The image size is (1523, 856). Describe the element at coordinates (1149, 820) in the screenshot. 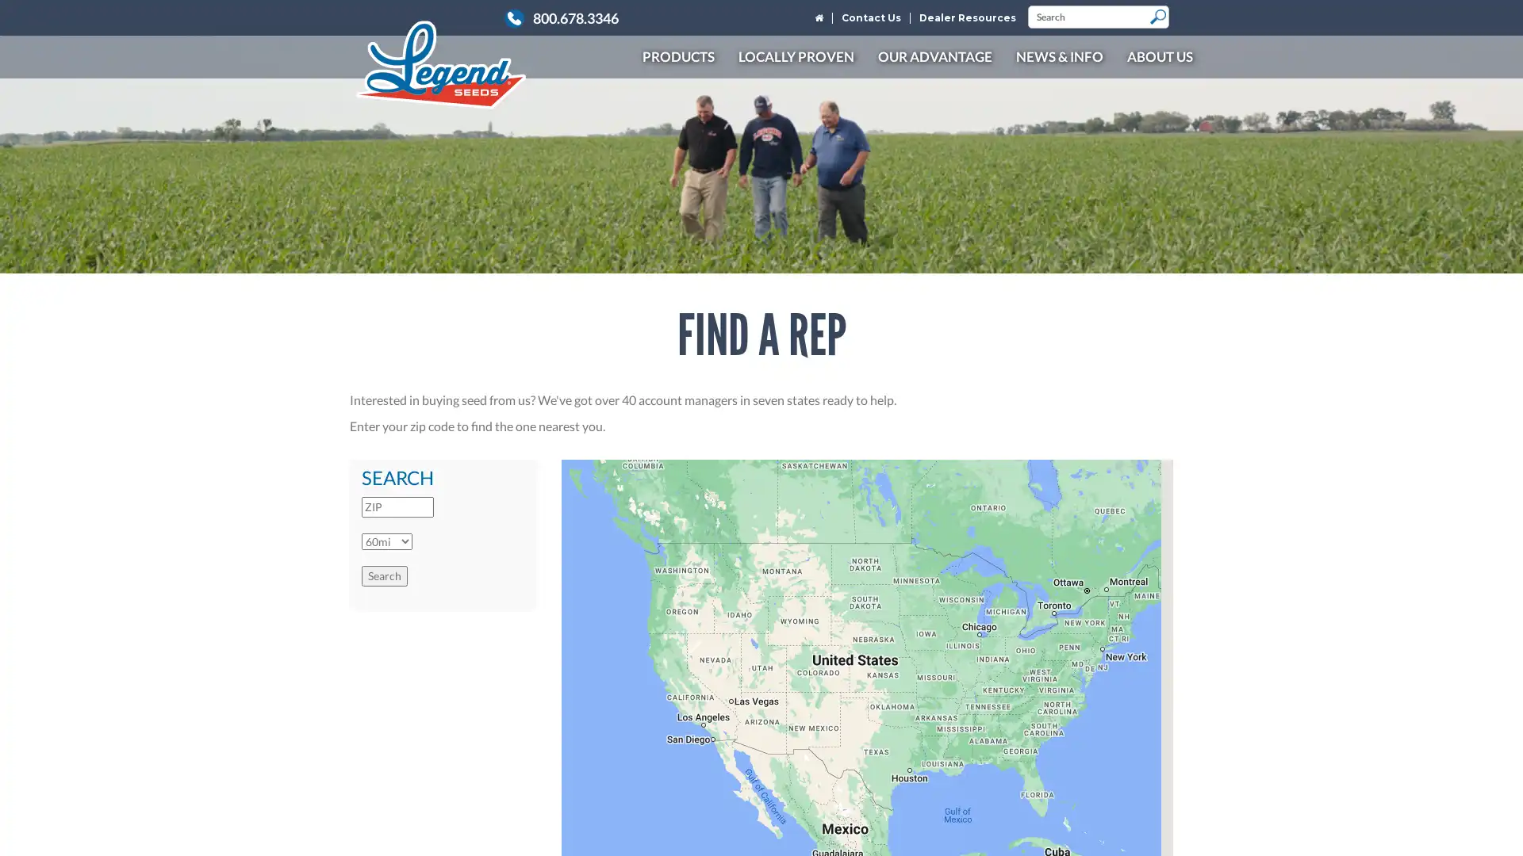

I see `Zoom out` at that location.